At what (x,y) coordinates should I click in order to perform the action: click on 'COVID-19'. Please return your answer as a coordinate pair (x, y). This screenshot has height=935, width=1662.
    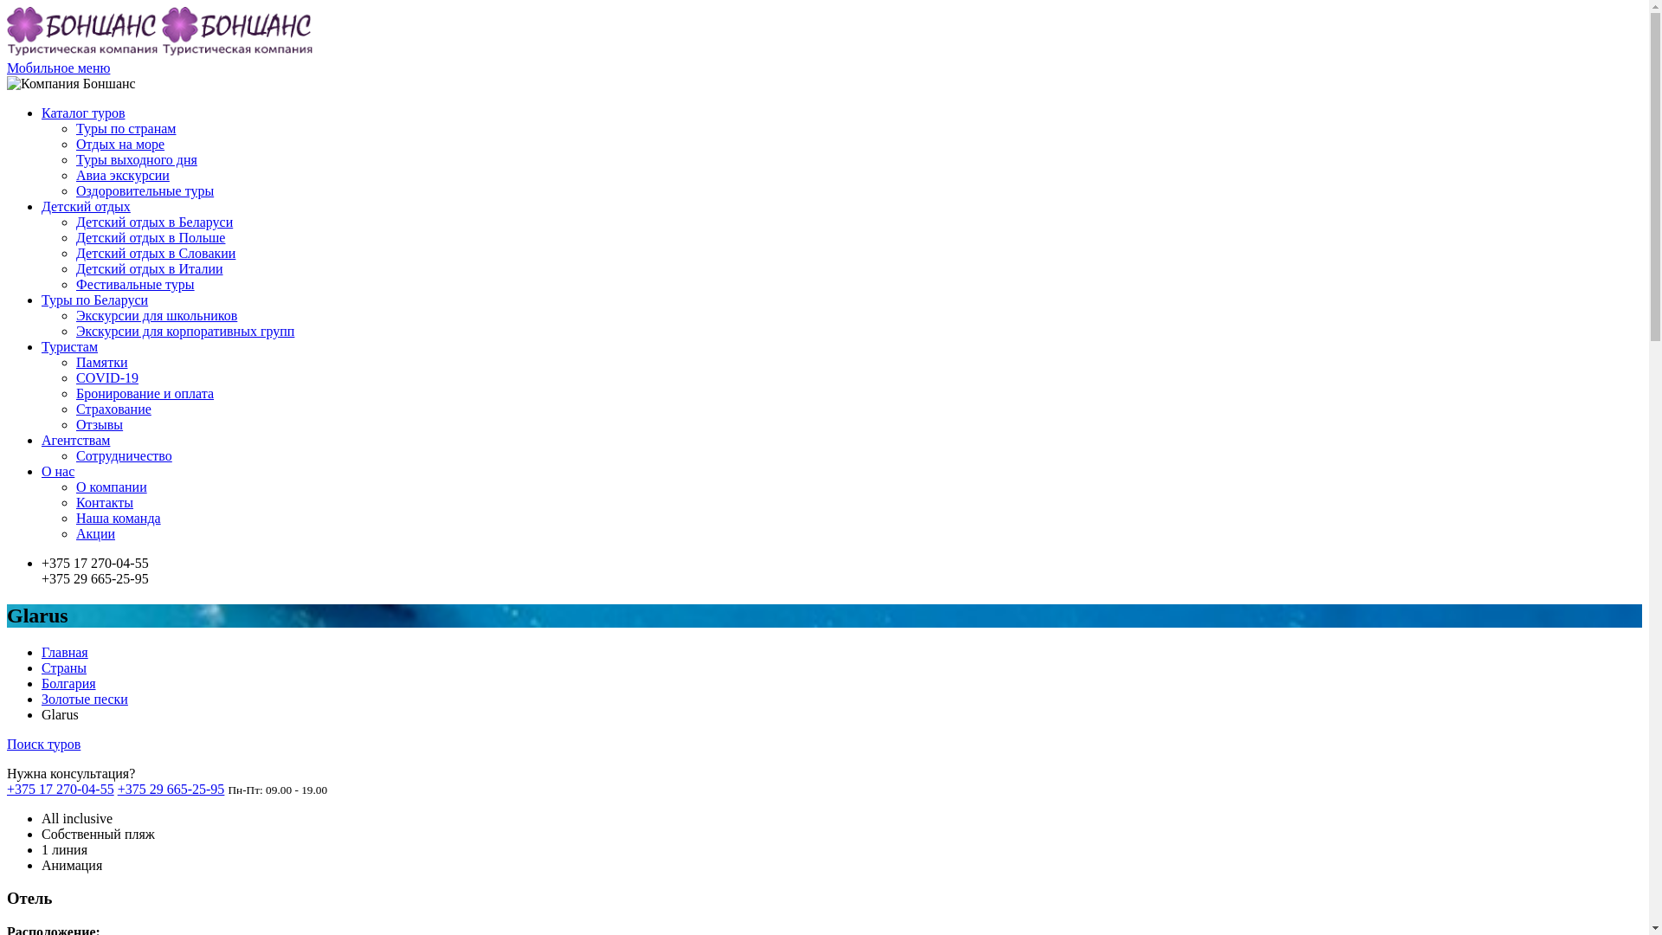
    Looking at the image, I should click on (106, 377).